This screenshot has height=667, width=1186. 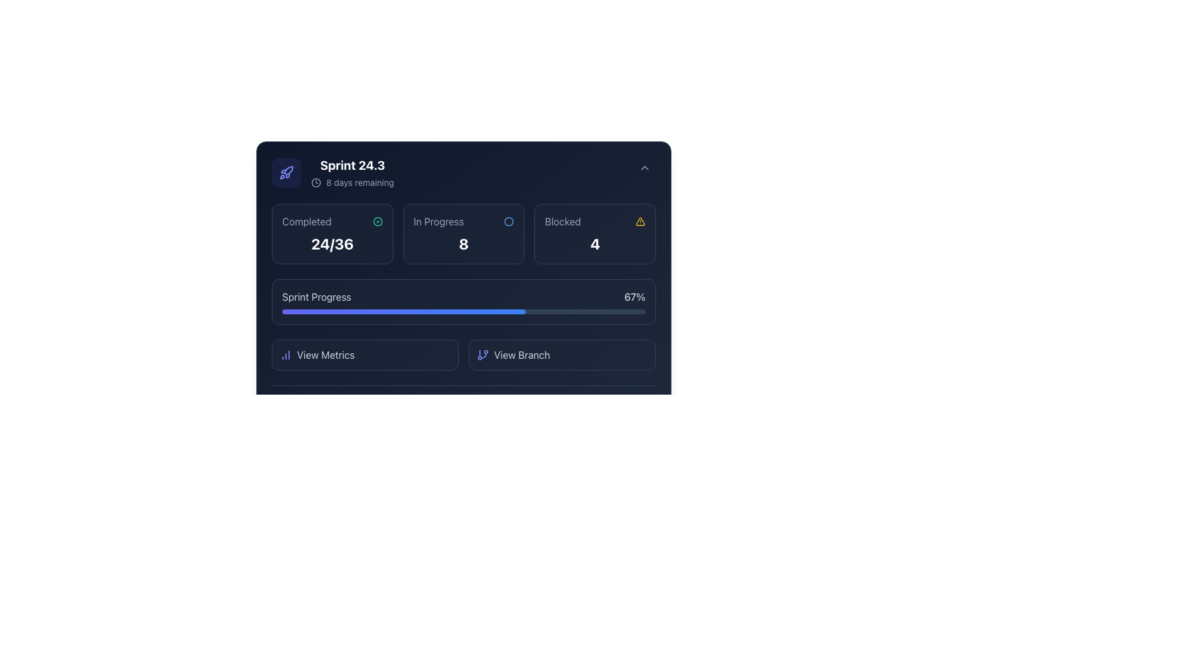 I want to click on the button located in the top-right corner of the interface section to change its background, so click(x=644, y=168).